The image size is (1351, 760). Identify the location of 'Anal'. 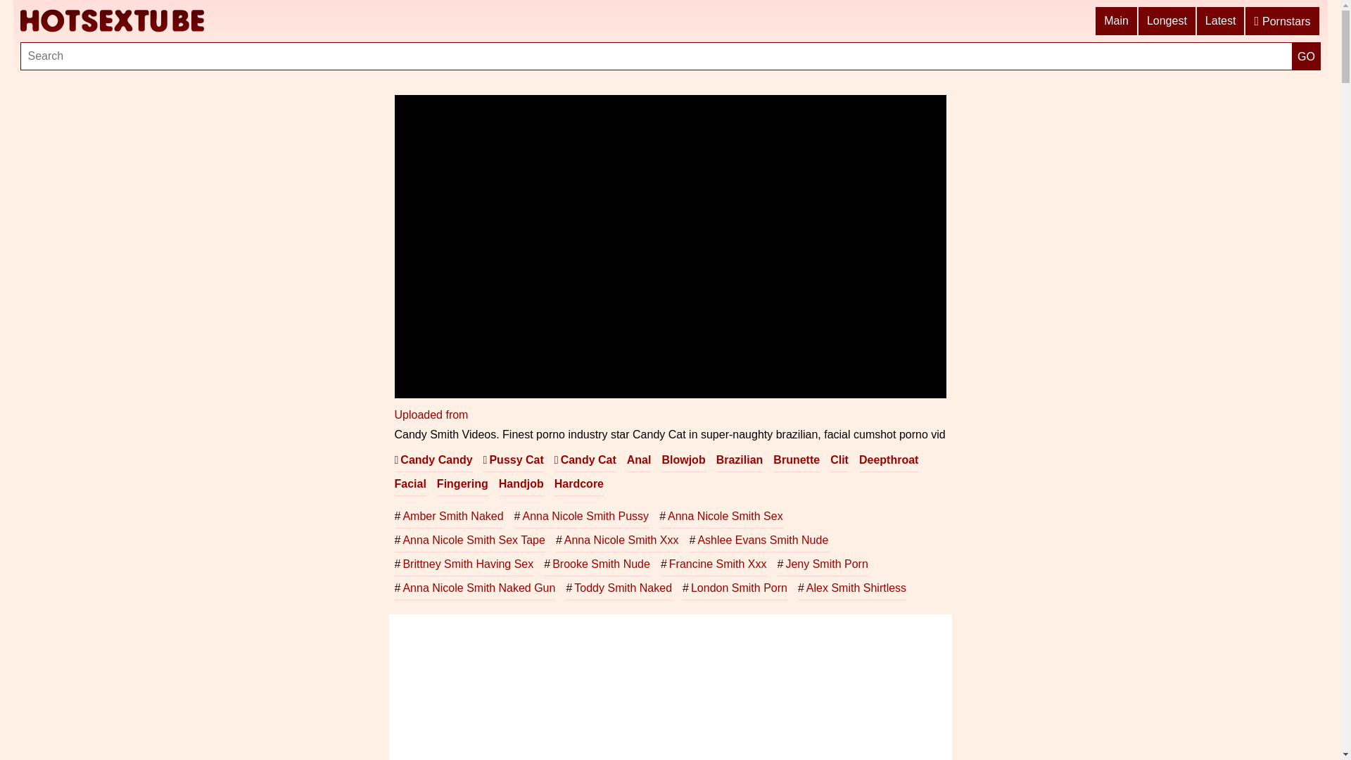
(638, 460).